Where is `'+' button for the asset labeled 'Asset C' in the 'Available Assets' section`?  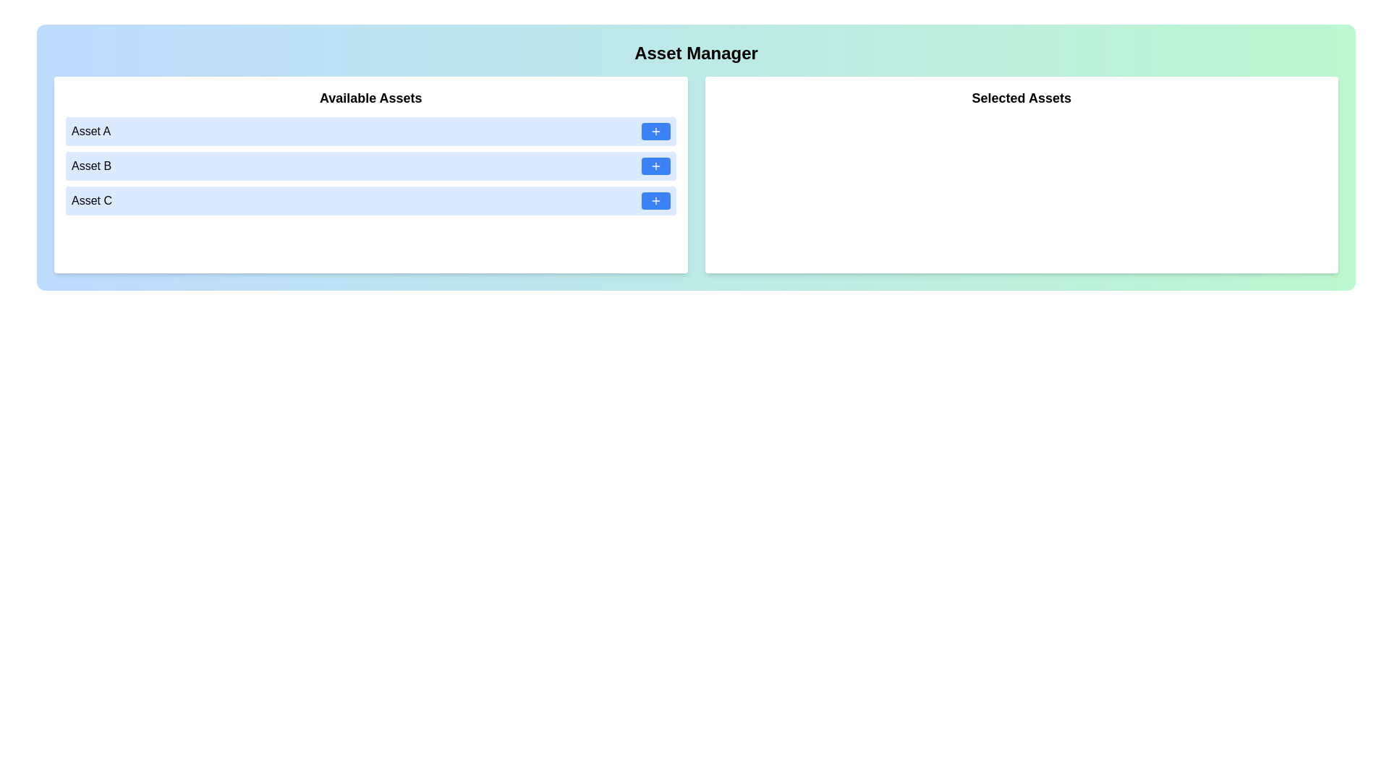 '+' button for the asset labeled 'Asset C' in the 'Available Assets' section is located at coordinates (655, 200).